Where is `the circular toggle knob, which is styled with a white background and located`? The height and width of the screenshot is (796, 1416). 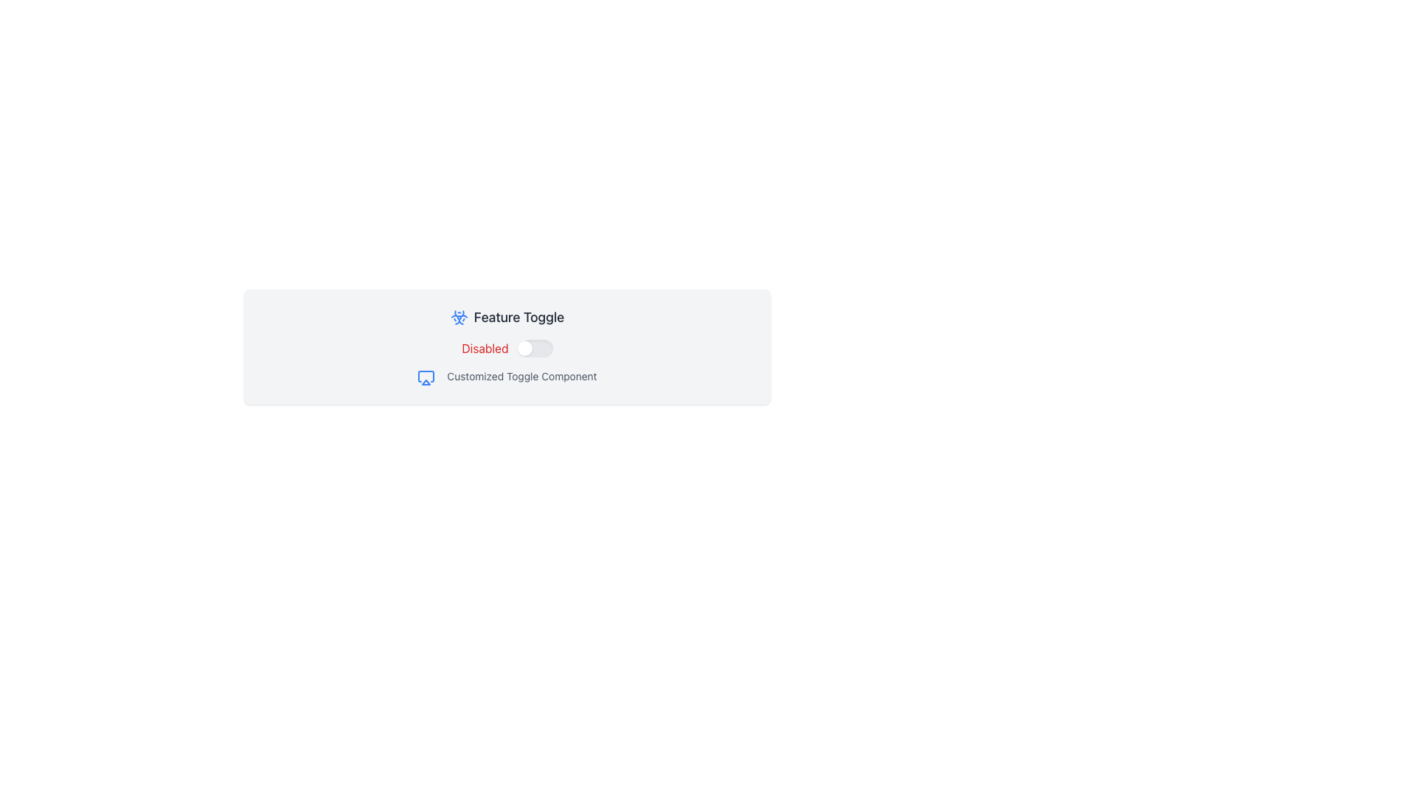
the circular toggle knob, which is styled with a white background and located is located at coordinates (524, 349).